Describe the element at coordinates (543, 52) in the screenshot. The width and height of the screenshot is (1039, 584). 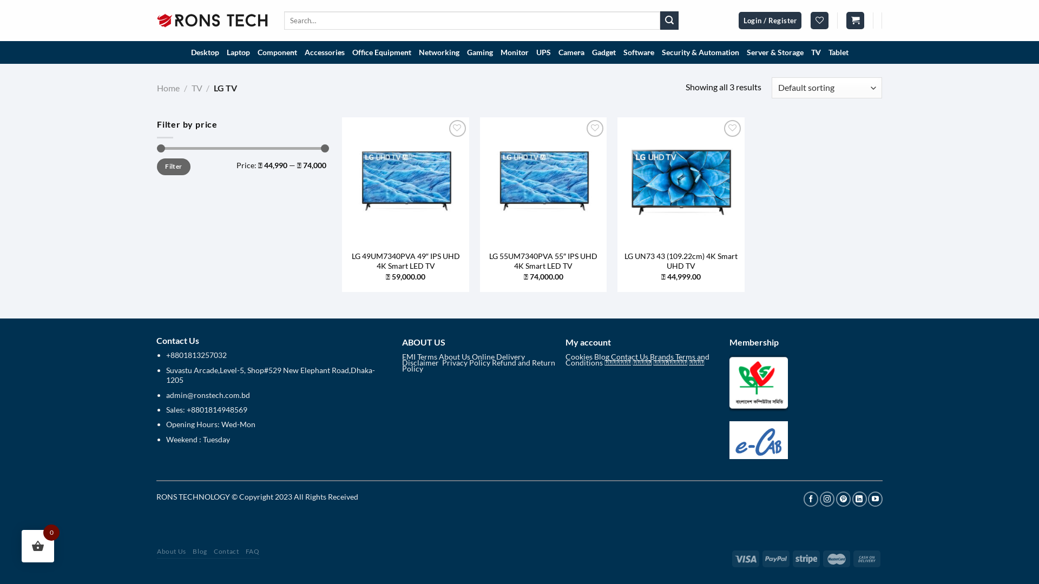
I see `'UPS'` at that location.